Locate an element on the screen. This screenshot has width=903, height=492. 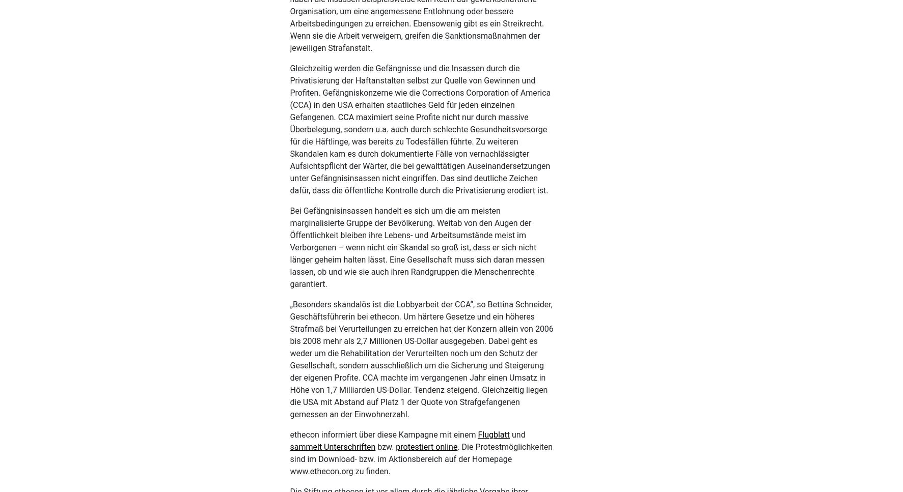
'/Venezuela (2008),' is located at coordinates (351, 90).